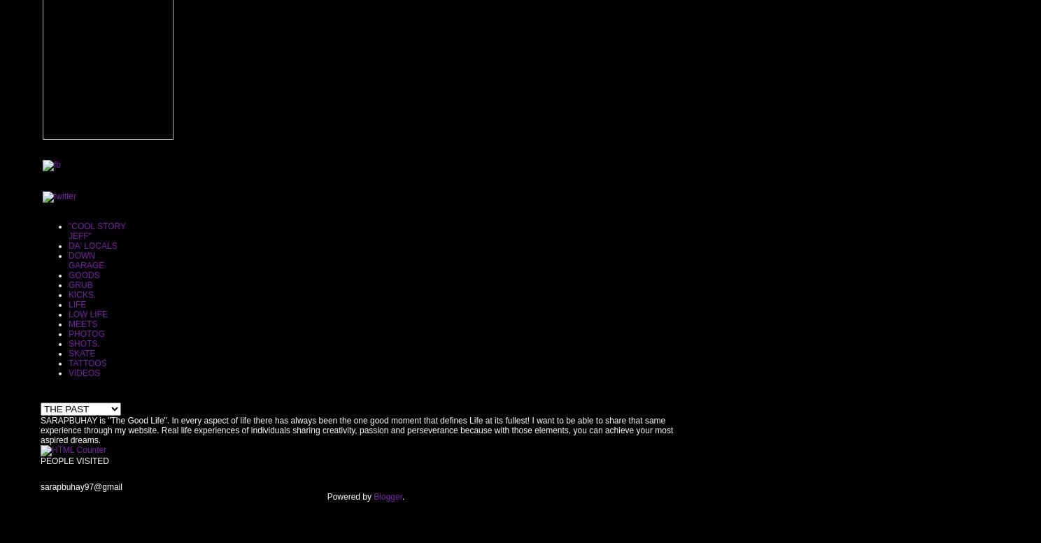  I want to click on 'DOWN GARAGE.', so click(68, 260).